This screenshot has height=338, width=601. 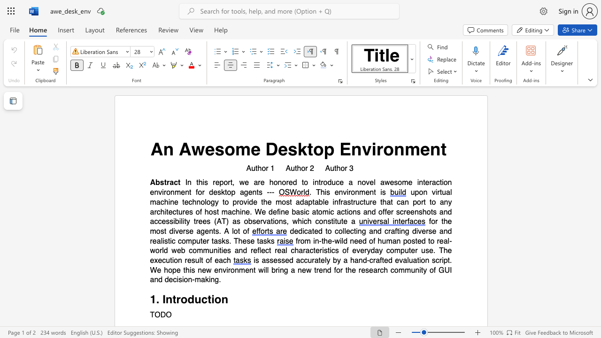 What do you see at coordinates (282, 149) in the screenshot?
I see `the 3th character "e" in the text` at bounding box center [282, 149].